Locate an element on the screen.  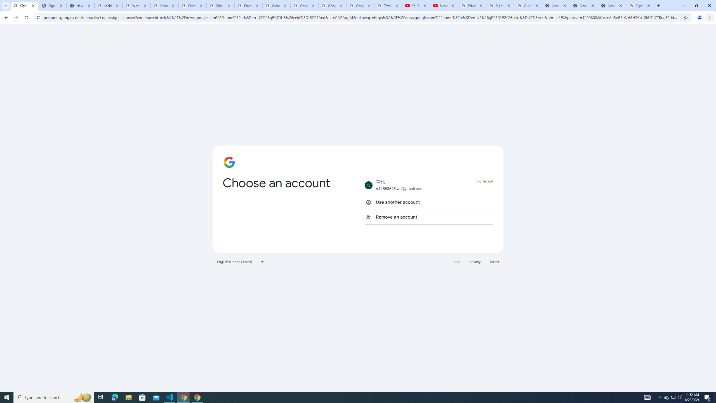
'Sign in - Google Accounts' is located at coordinates (640, 5).